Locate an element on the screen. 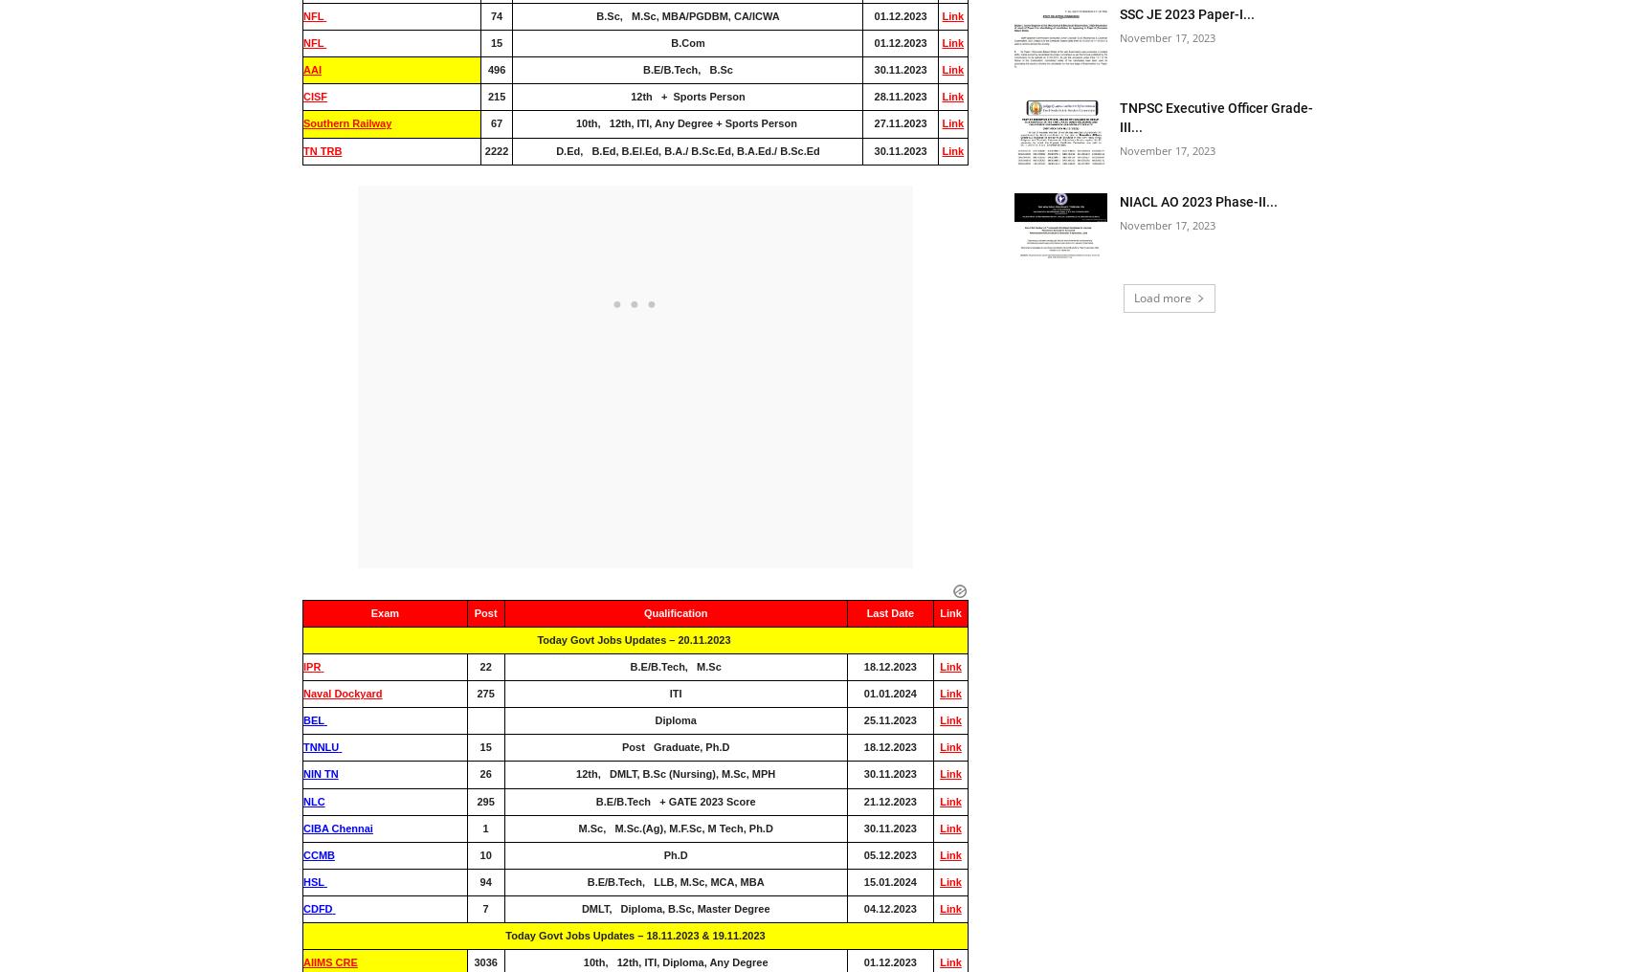 This screenshot has width=1627, height=972. '94' is located at coordinates (484, 880).